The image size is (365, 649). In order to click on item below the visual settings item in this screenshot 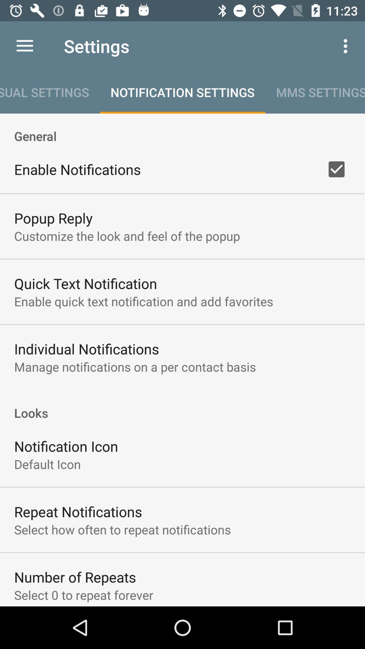, I will do `click(182, 129)`.